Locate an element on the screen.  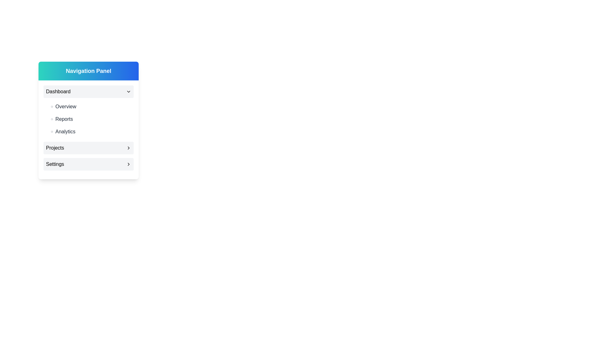
the 'Reports' text label in the Dashboard dropdown of the left-side navigation bar is located at coordinates (64, 119).